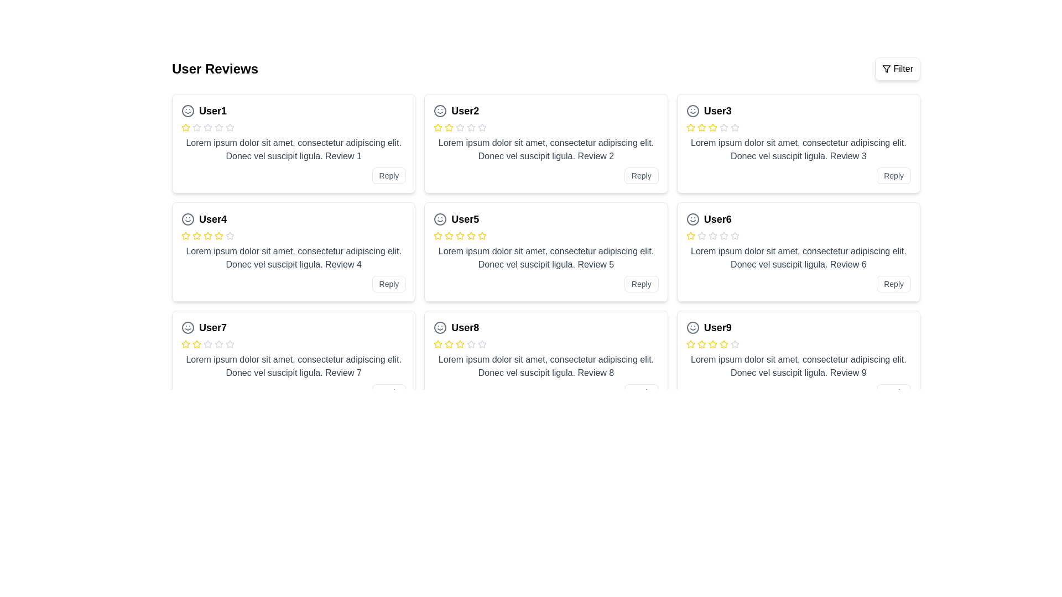 This screenshot has height=597, width=1062. Describe the element at coordinates (186, 343) in the screenshot. I see `the first yellow star icon in the rating system for User7's review` at that location.